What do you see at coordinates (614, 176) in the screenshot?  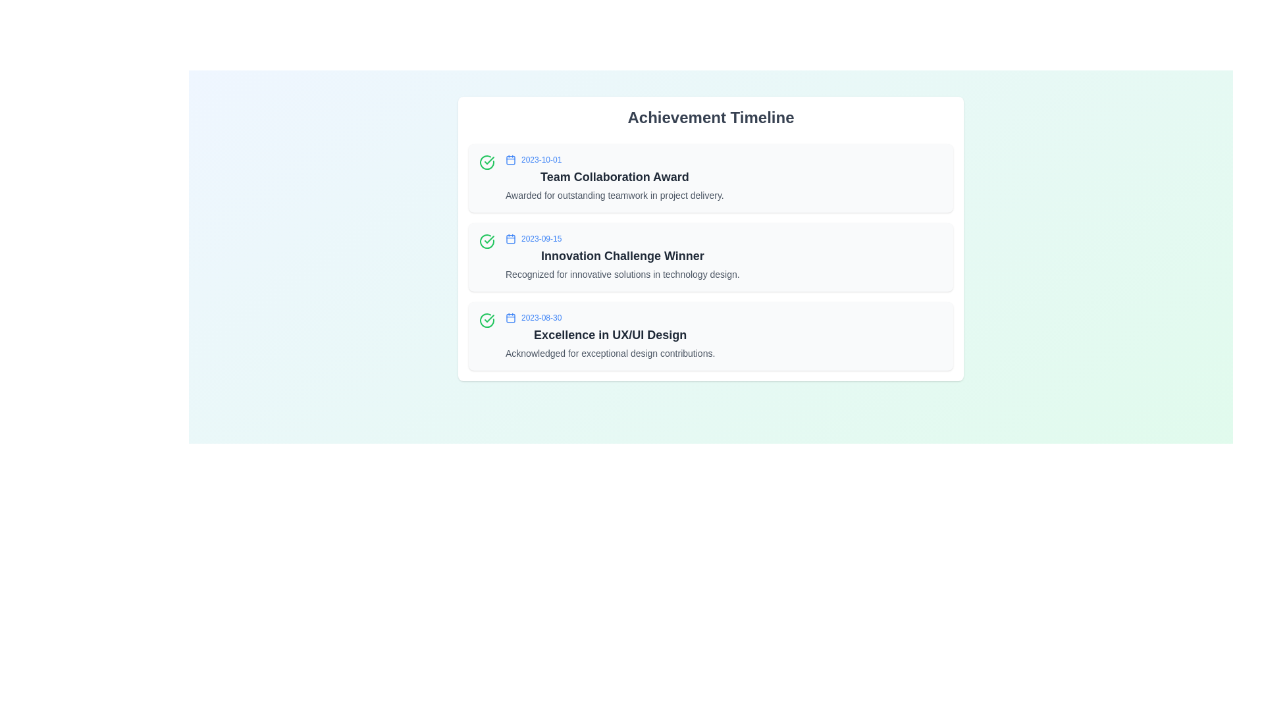 I see `text label or heading that serves as the title for the award description, prominently positioned under the date and icon combination` at bounding box center [614, 176].